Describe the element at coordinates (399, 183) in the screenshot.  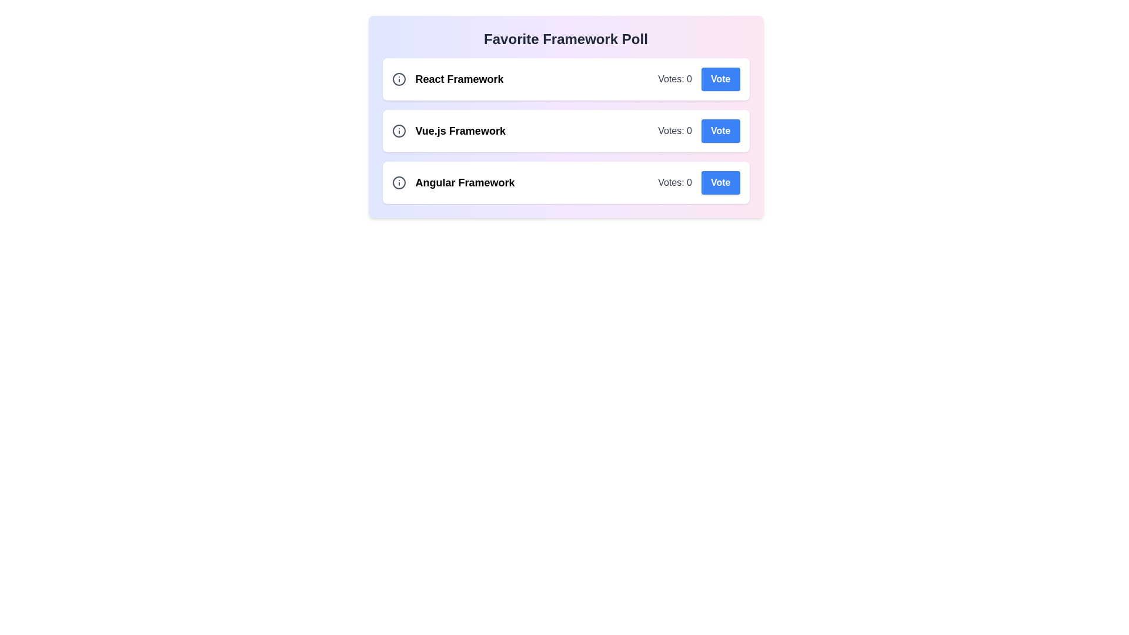
I see `the information icon next to the topic Angular Framework` at that location.